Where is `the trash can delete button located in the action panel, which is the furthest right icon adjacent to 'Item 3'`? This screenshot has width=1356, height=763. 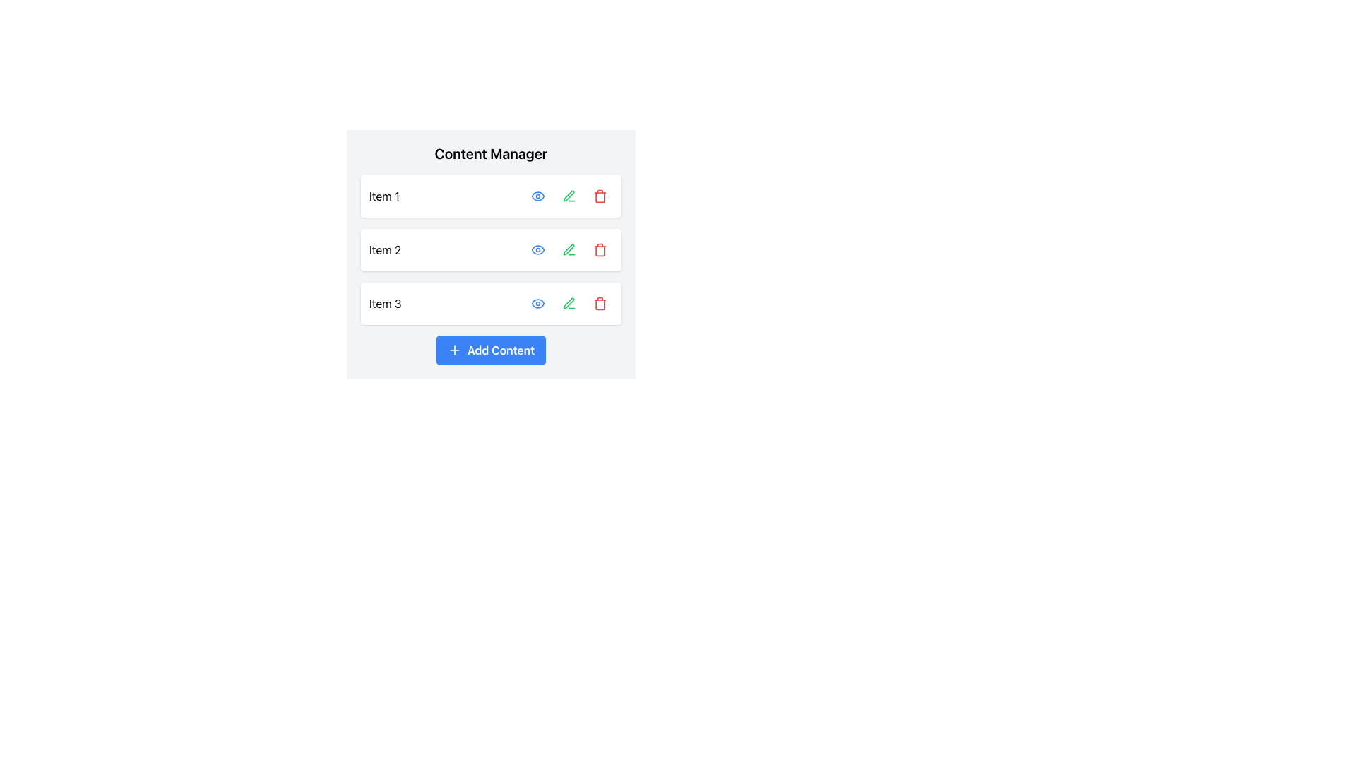 the trash can delete button located in the action panel, which is the furthest right icon adjacent to 'Item 3' is located at coordinates (600, 302).